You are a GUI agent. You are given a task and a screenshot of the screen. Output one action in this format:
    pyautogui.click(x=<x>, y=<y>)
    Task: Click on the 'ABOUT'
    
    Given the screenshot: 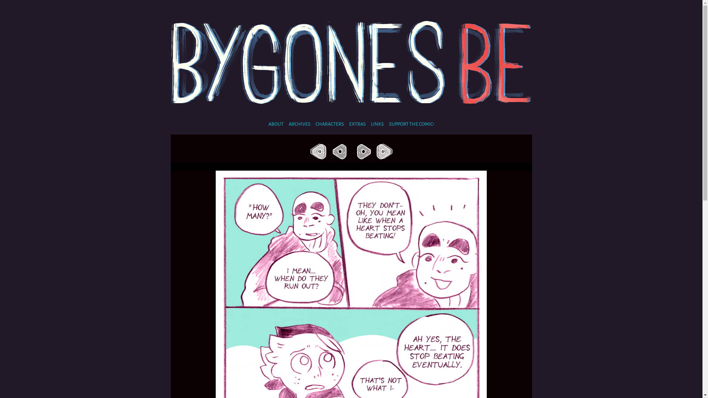 What is the action you would take?
    pyautogui.click(x=265, y=124)
    